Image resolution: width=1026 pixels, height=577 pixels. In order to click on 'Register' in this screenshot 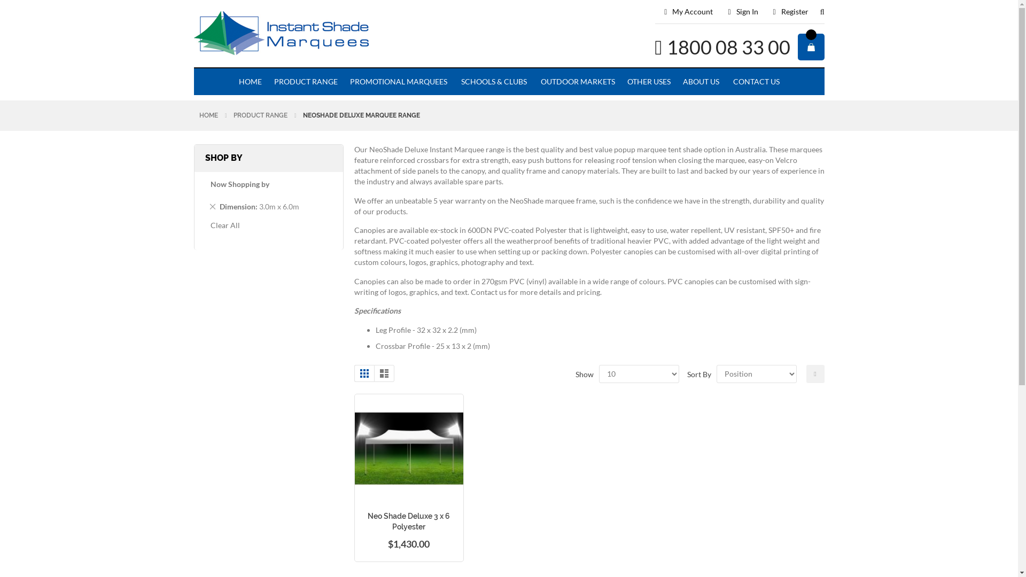, I will do `click(790, 12)`.